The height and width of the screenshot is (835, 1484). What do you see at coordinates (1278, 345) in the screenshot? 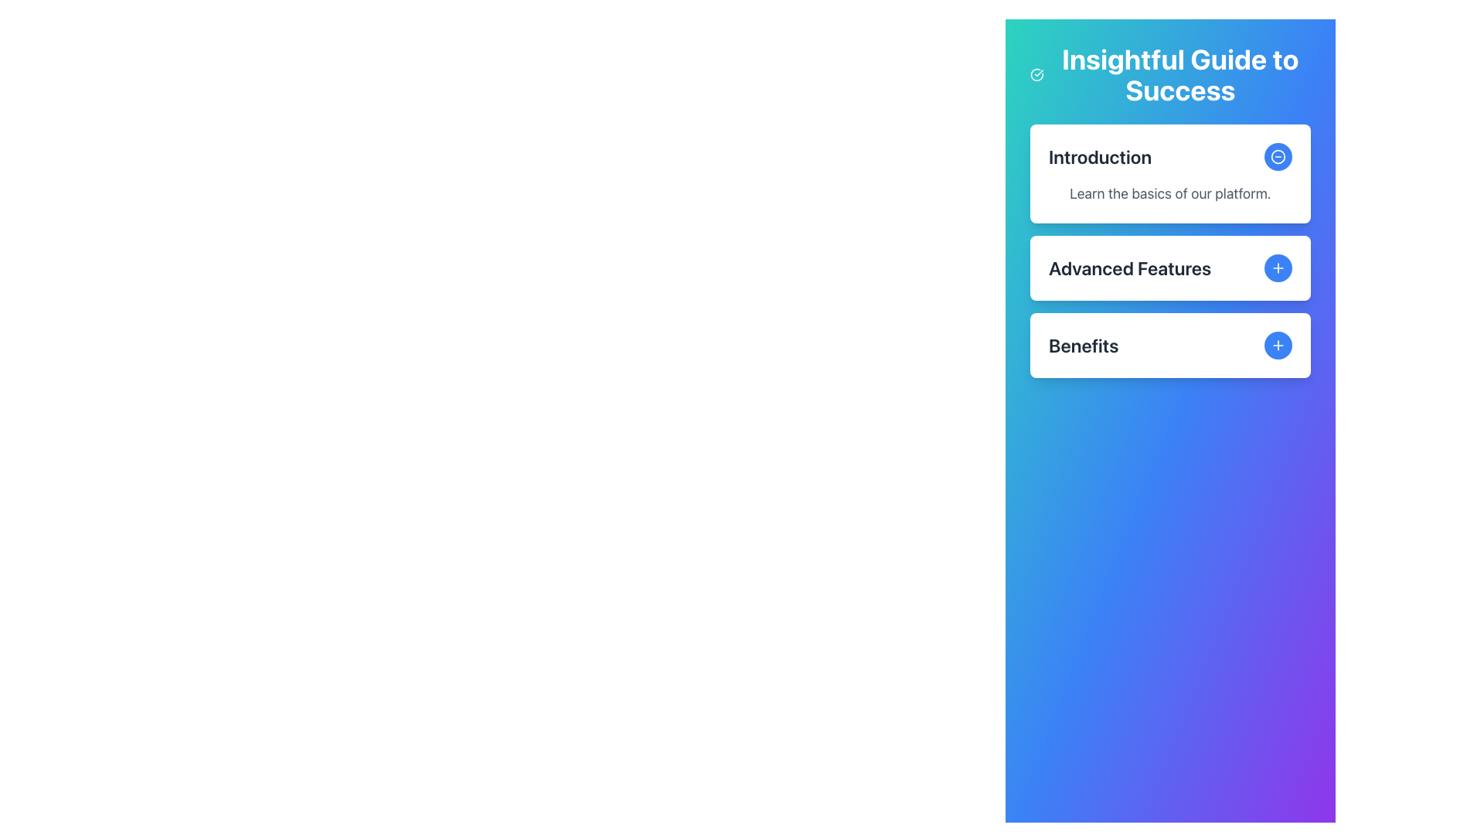
I see `the button located to the right of the 'Benefits' label` at bounding box center [1278, 345].